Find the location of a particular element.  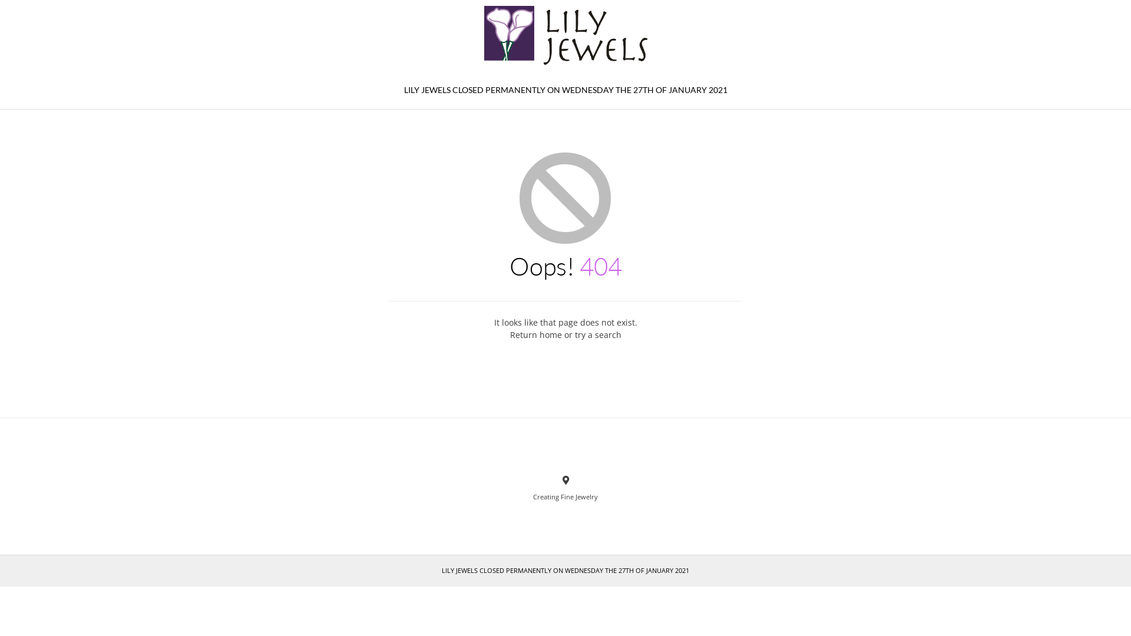

'Lily Jewels Paddington' is located at coordinates (565, 35).